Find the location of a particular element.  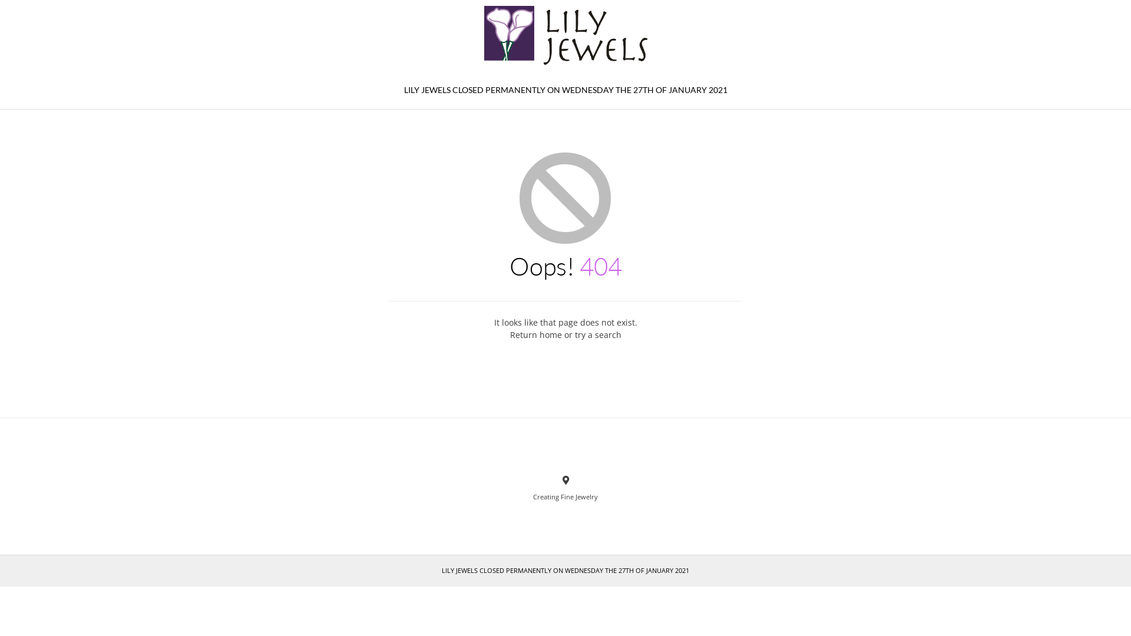

'Lily Jewels Paddington' is located at coordinates (565, 35).